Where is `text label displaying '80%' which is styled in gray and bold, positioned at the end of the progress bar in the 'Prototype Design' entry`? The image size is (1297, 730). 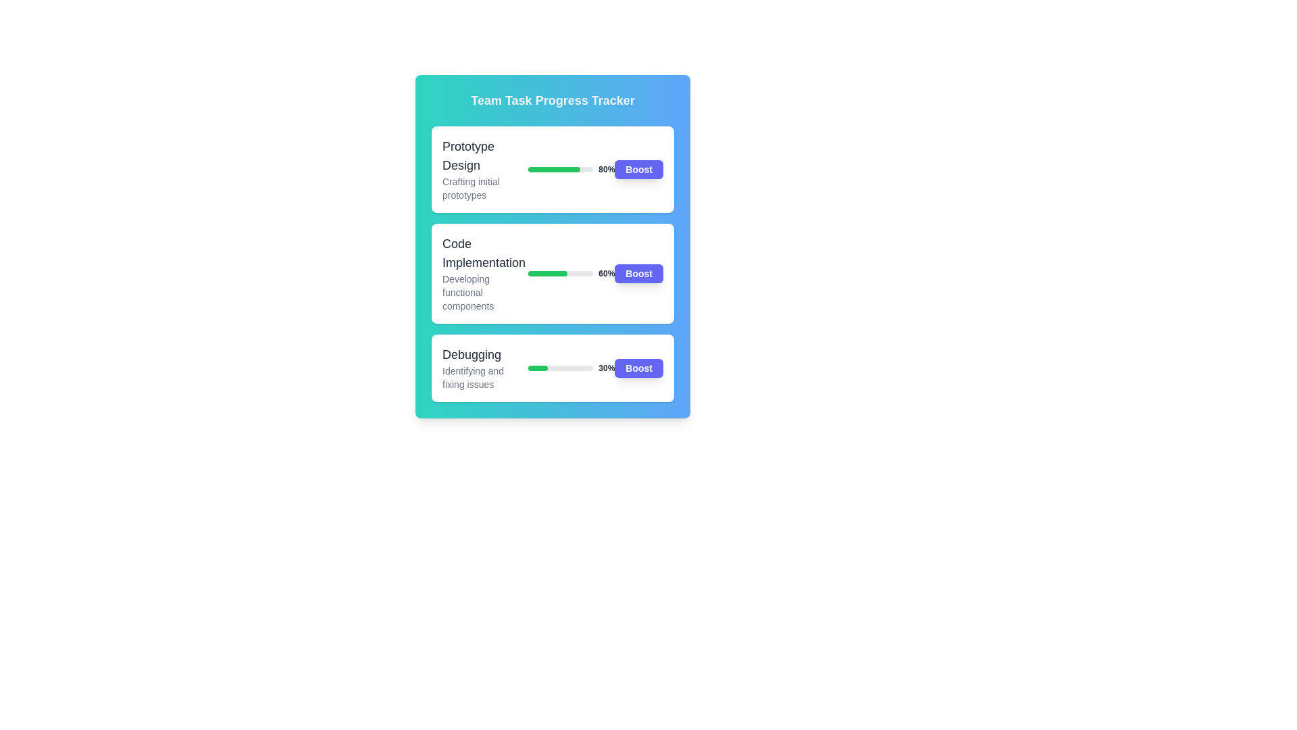 text label displaying '80%' which is styled in gray and bold, positioned at the end of the progress bar in the 'Prototype Design' entry is located at coordinates (606, 168).